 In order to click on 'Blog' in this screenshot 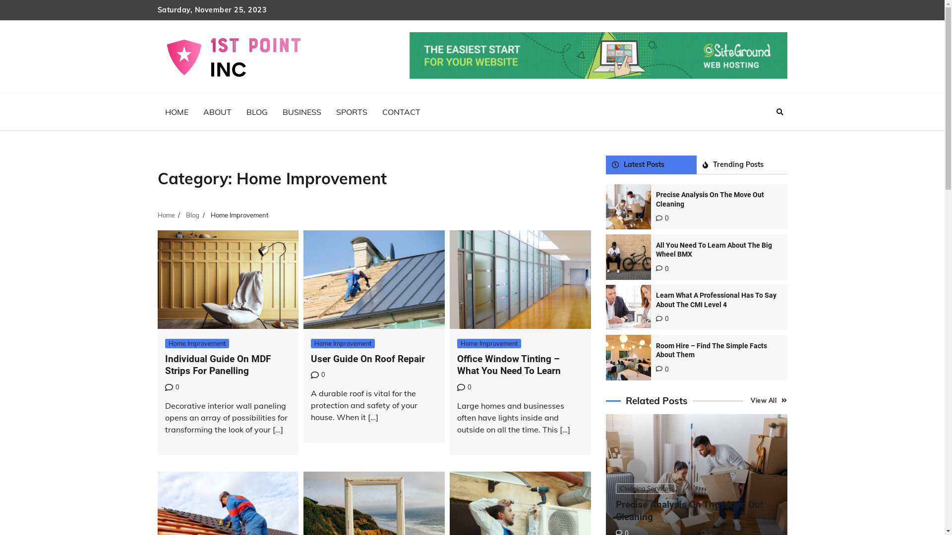, I will do `click(192, 214)`.